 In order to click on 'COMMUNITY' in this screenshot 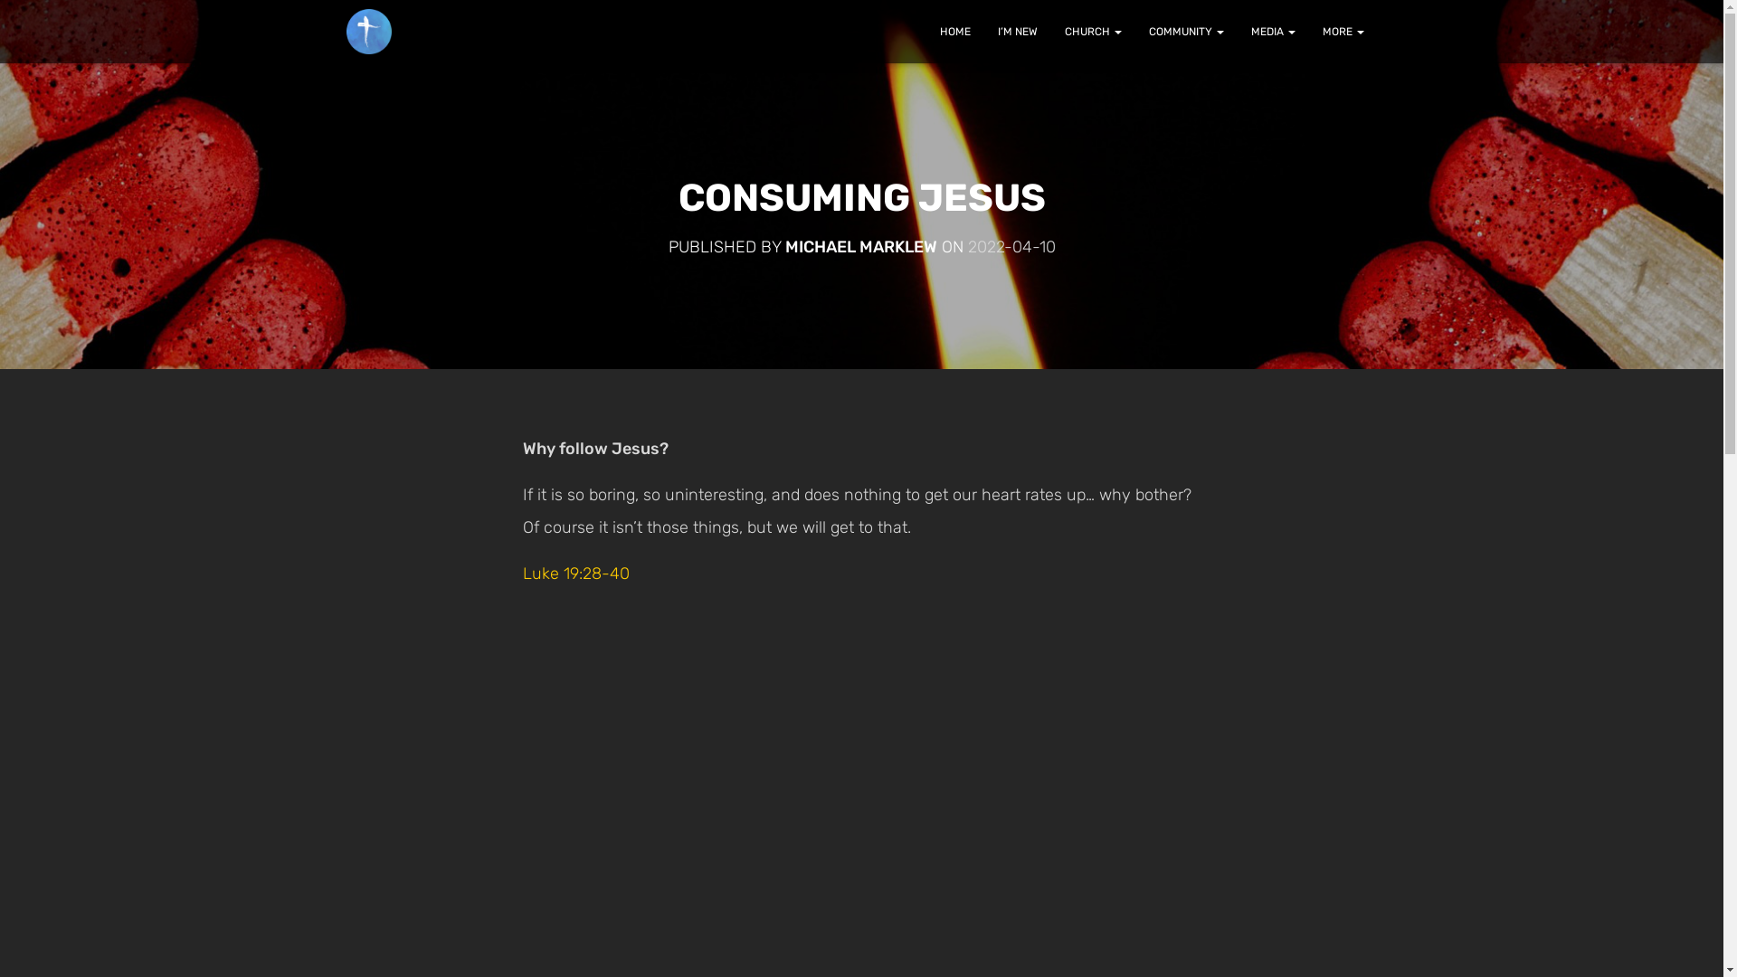, I will do `click(1185, 31)`.